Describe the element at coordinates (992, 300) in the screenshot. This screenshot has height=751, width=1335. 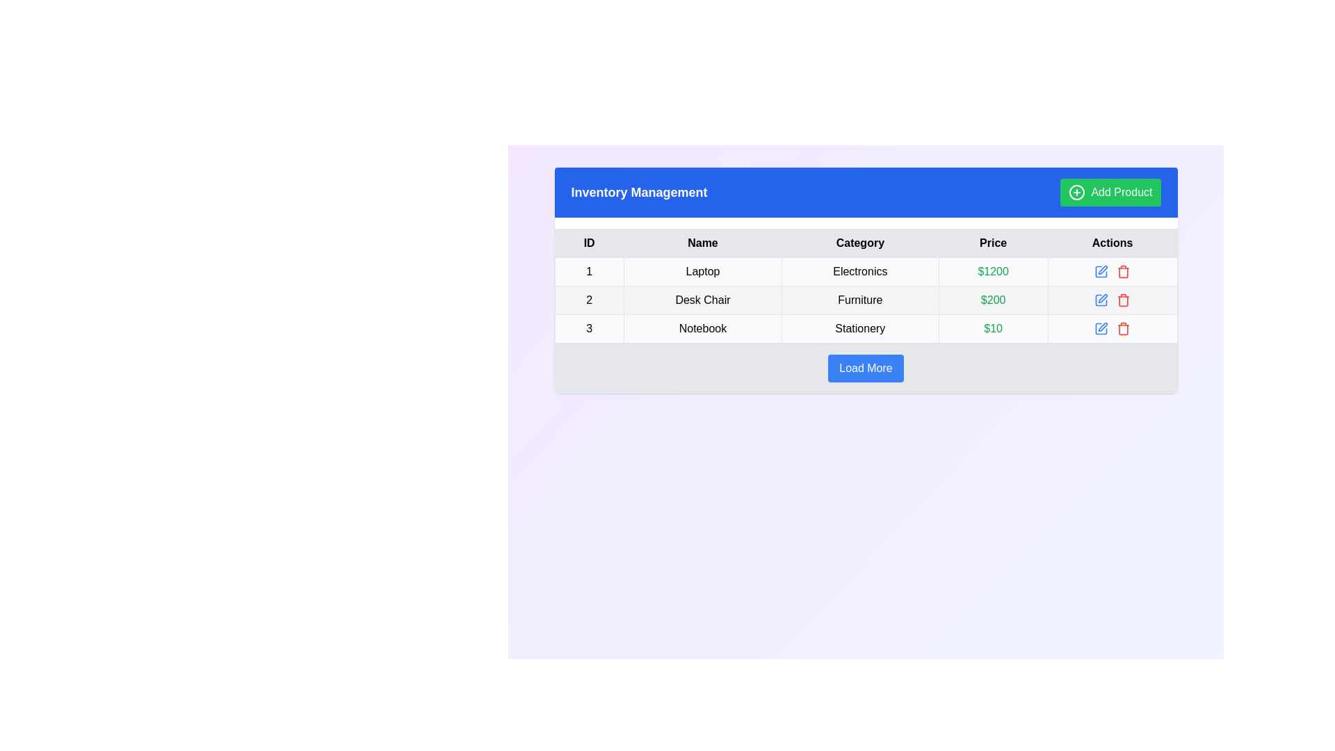
I see `the price display element showing '$200' in green, located in the 'Price' column of the second row in the table, horizontally aligned with 'Desk Chair'` at that location.